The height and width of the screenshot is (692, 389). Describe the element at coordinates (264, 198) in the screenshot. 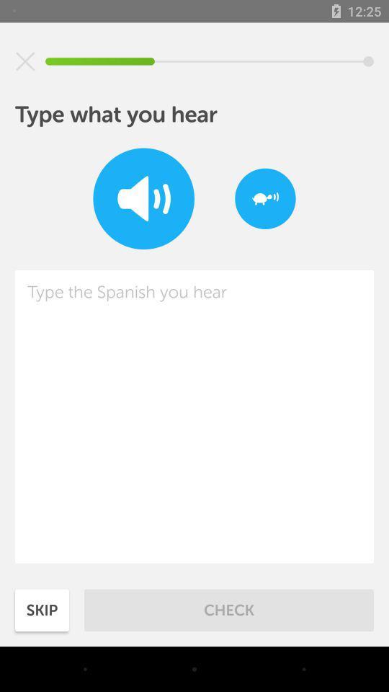

I see `speak slowly` at that location.